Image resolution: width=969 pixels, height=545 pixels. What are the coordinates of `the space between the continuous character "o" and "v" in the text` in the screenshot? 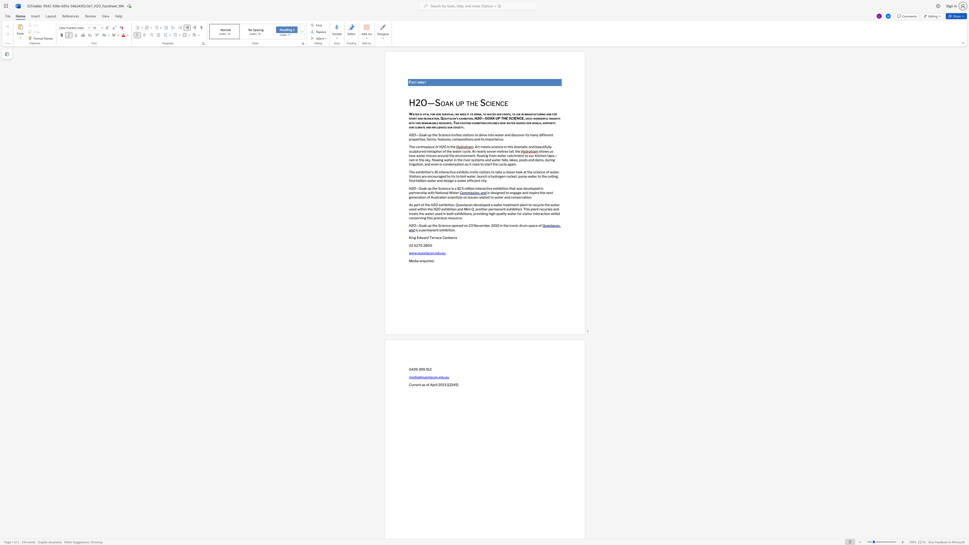 It's located at (478, 213).